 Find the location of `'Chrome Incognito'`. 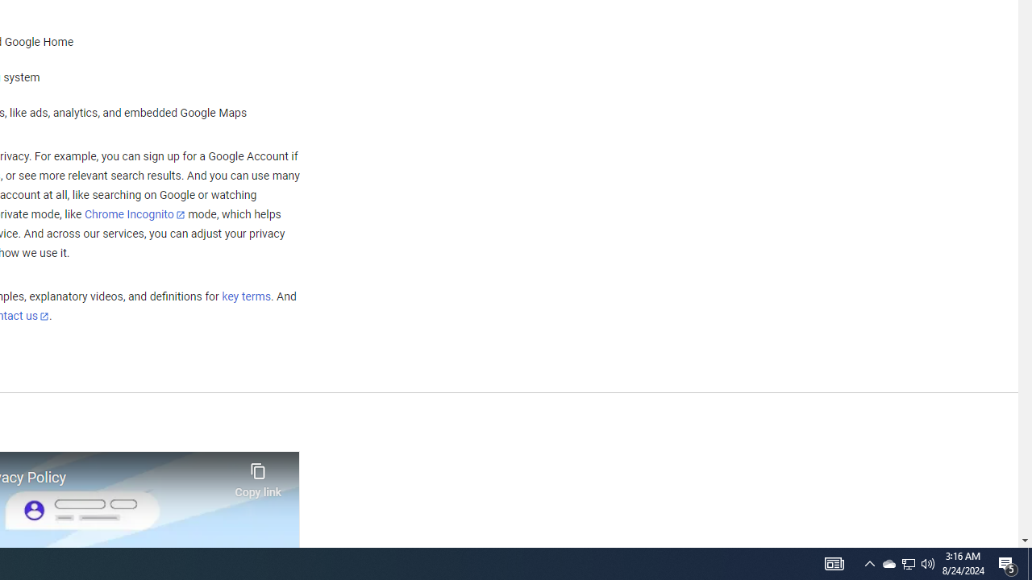

'Chrome Incognito' is located at coordinates (135, 213).